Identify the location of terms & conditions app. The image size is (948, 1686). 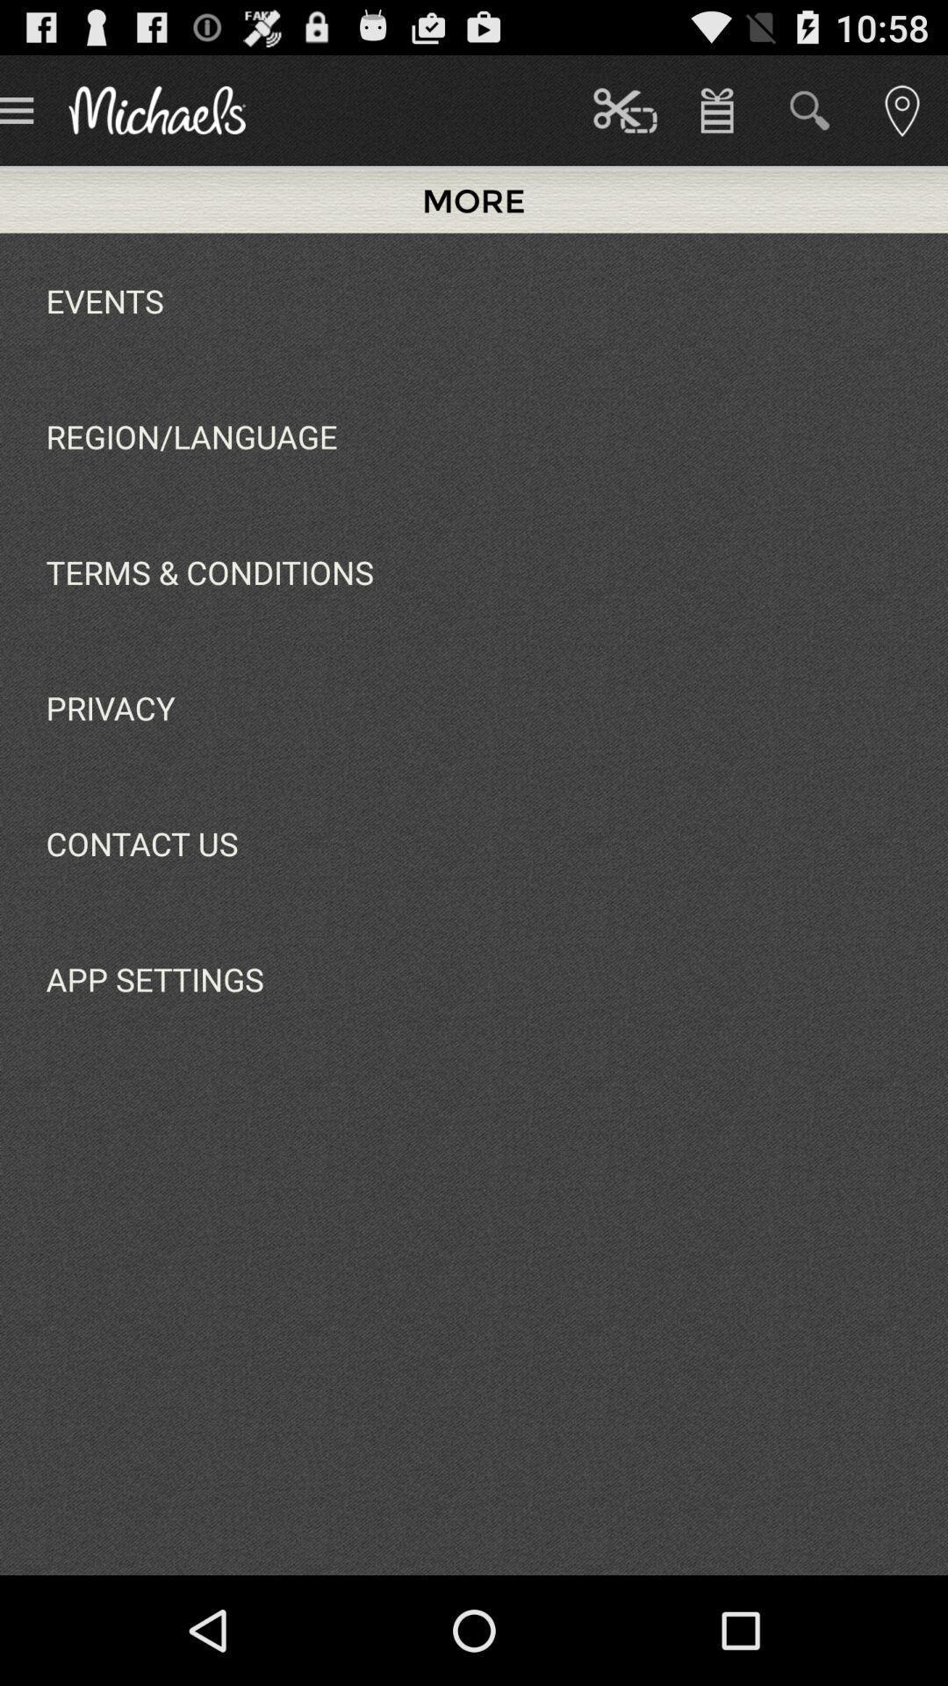
(209, 572).